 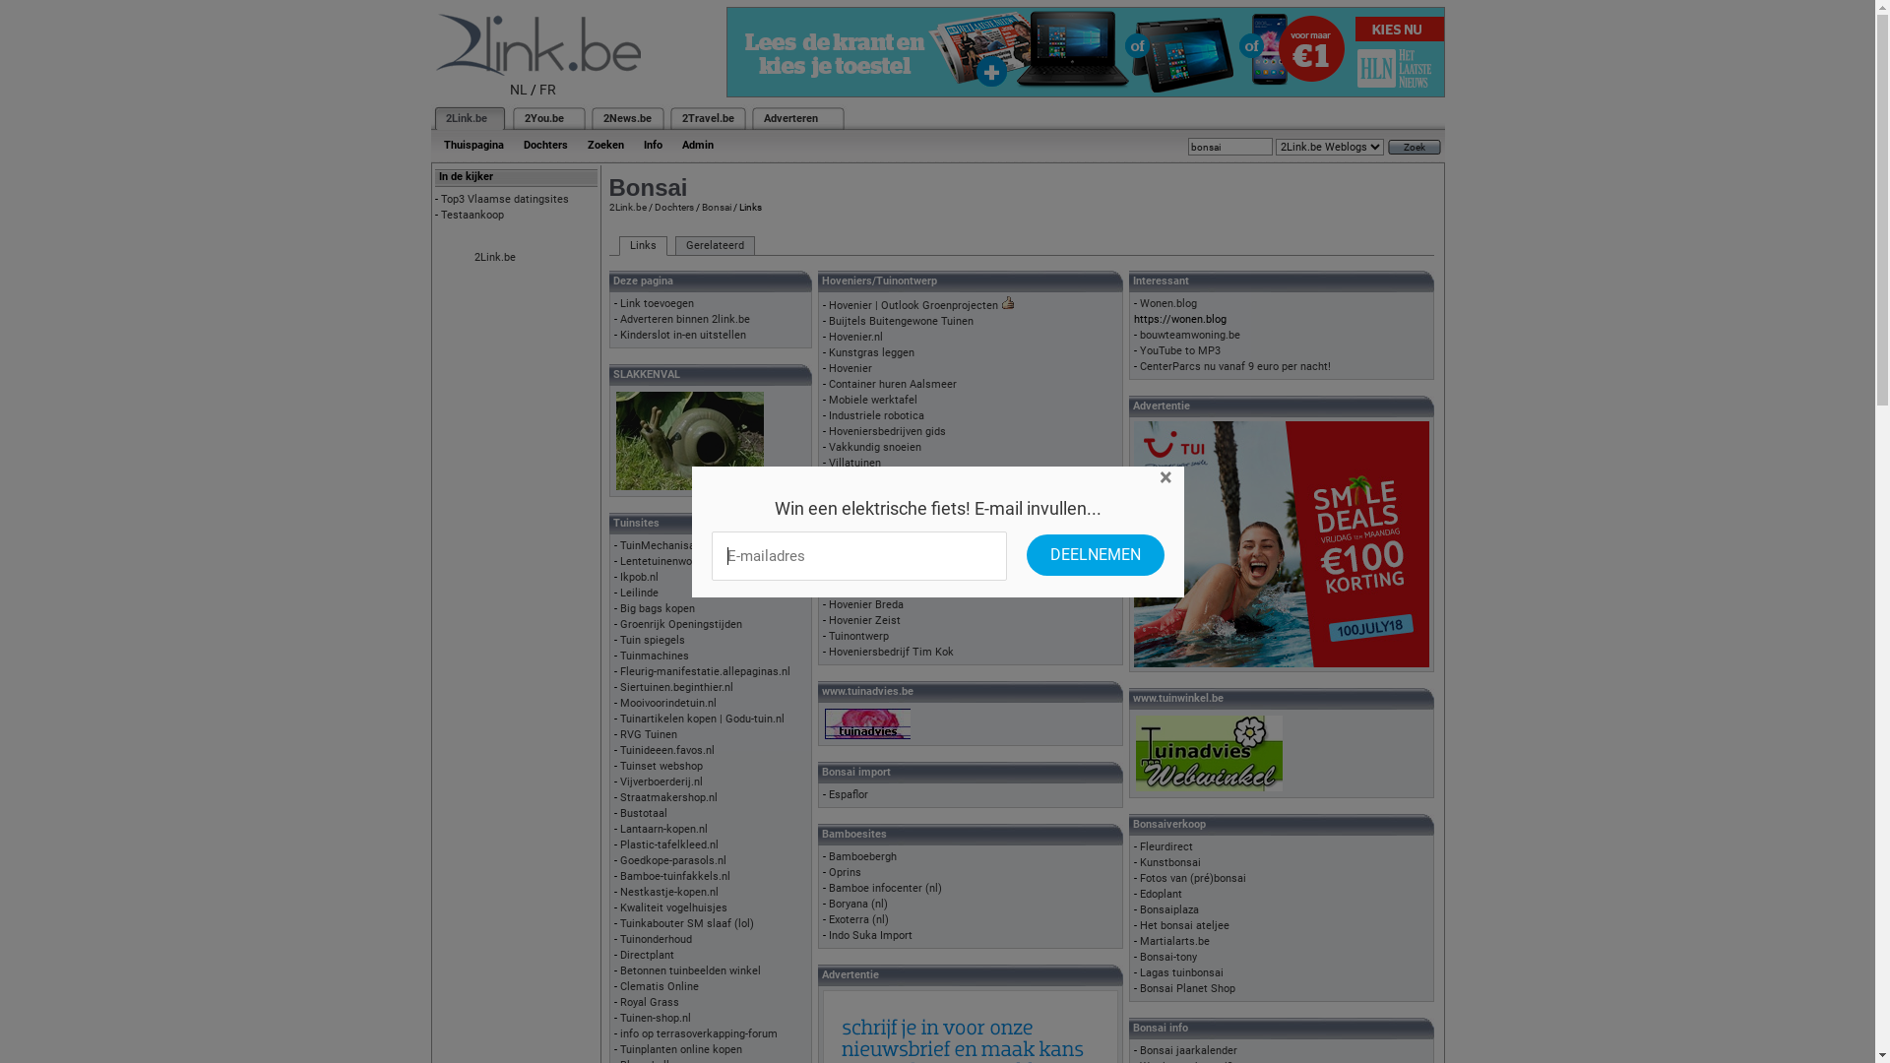 What do you see at coordinates (858, 919) in the screenshot?
I see `'Exoterra (nl)'` at bounding box center [858, 919].